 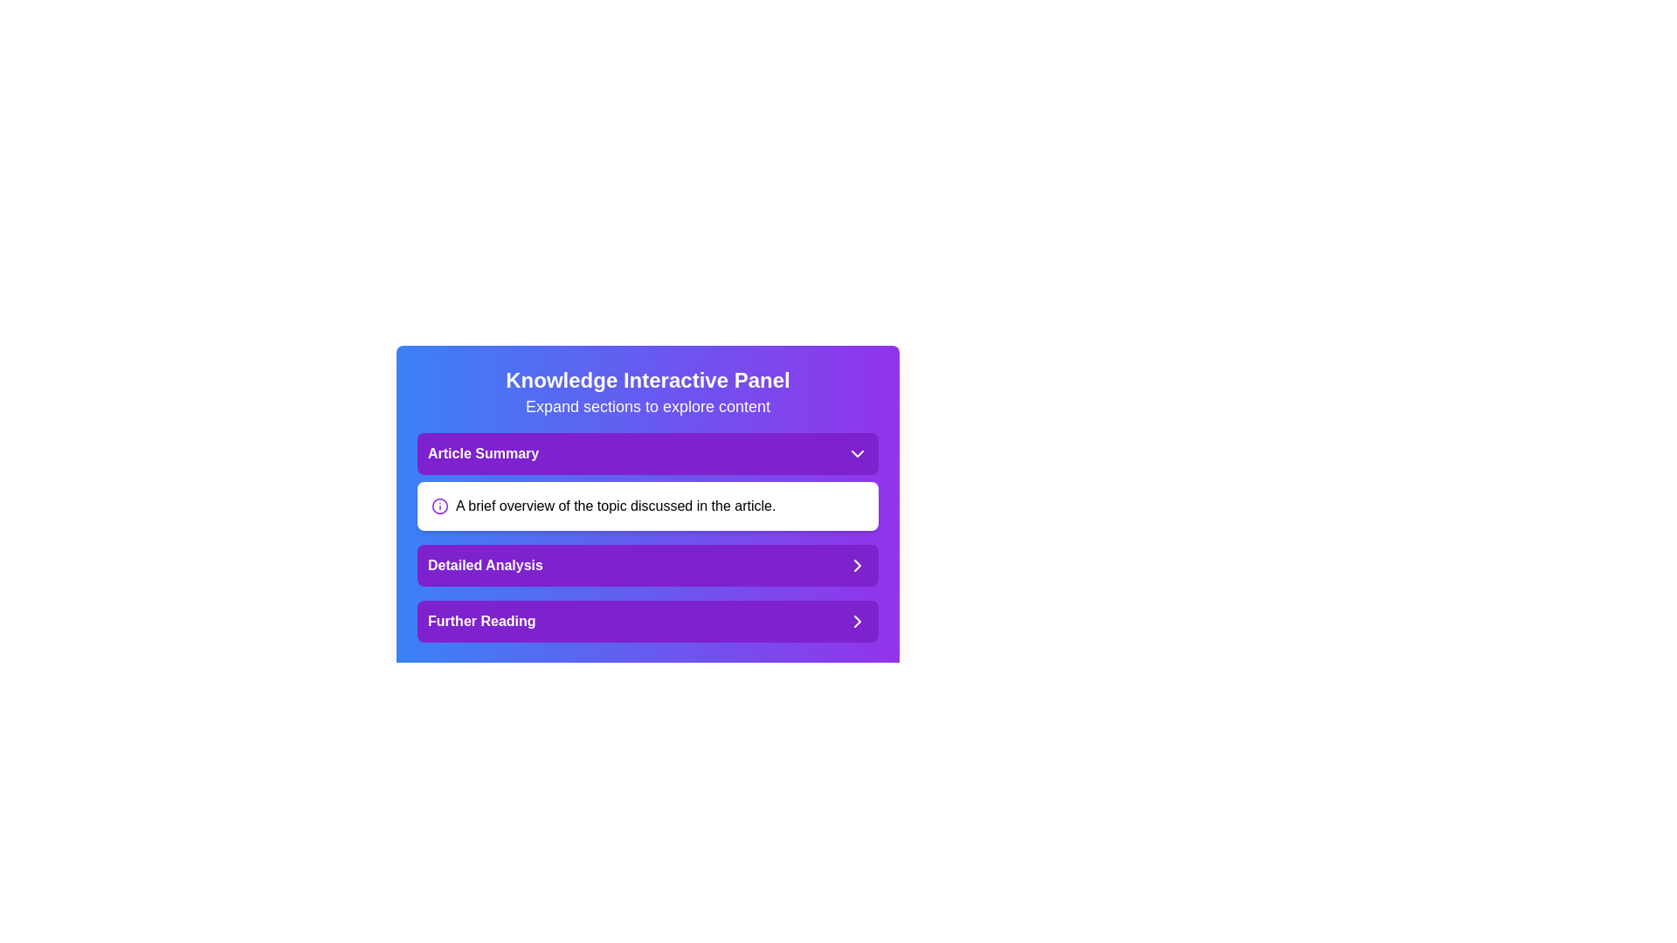 I want to click on the 'Detailed Analysis' button, so click(x=647, y=566).